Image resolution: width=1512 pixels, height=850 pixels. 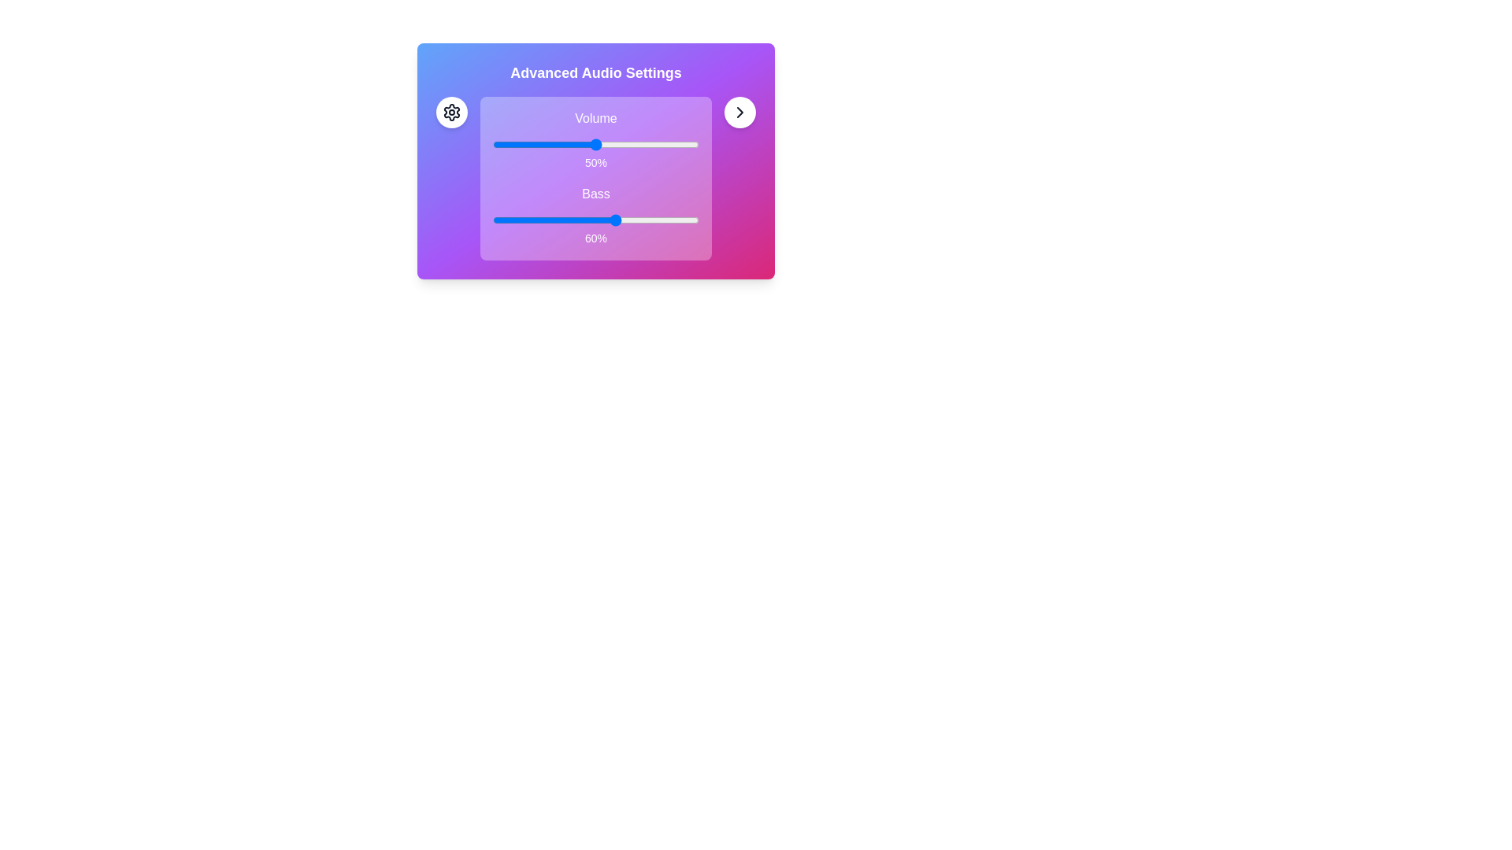 What do you see at coordinates (739, 111) in the screenshot?
I see `the button identified by chevron` at bounding box center [739, 111].